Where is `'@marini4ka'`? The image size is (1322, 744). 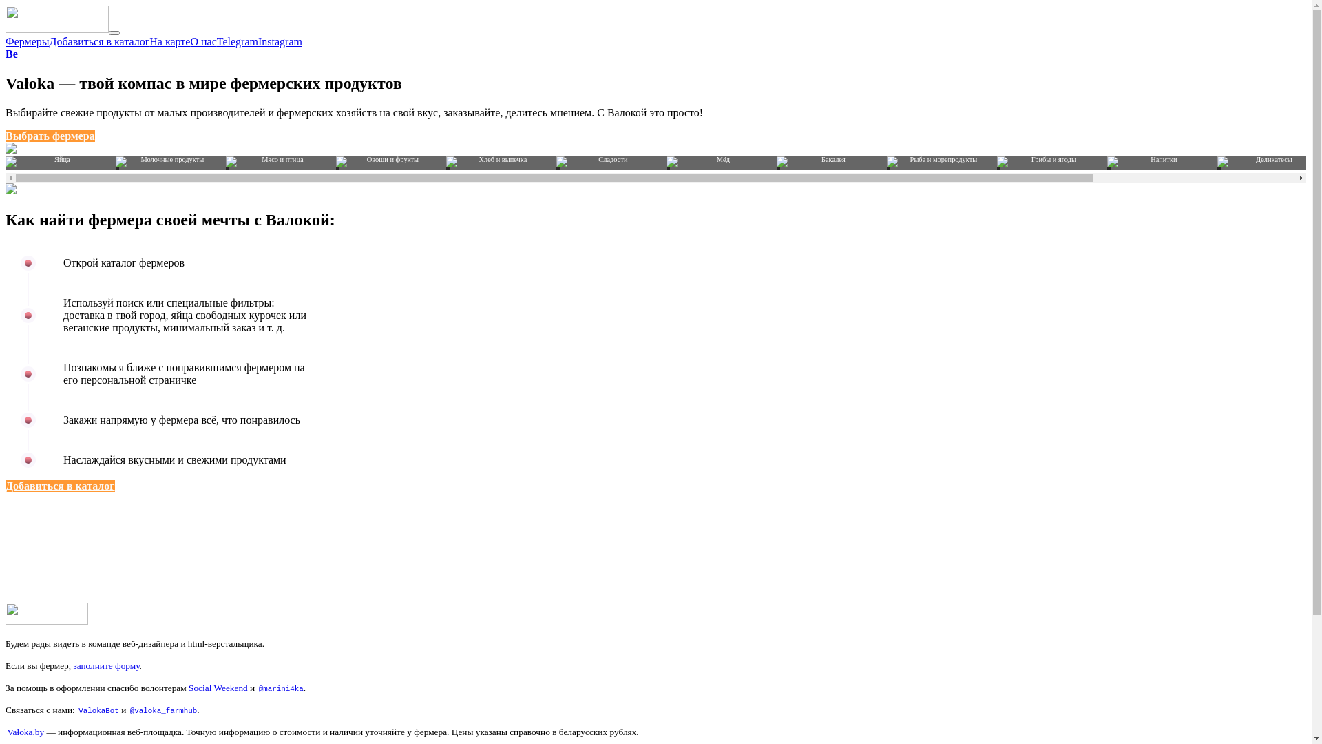
'@marini4ka' is located at coordinates (280, 688).